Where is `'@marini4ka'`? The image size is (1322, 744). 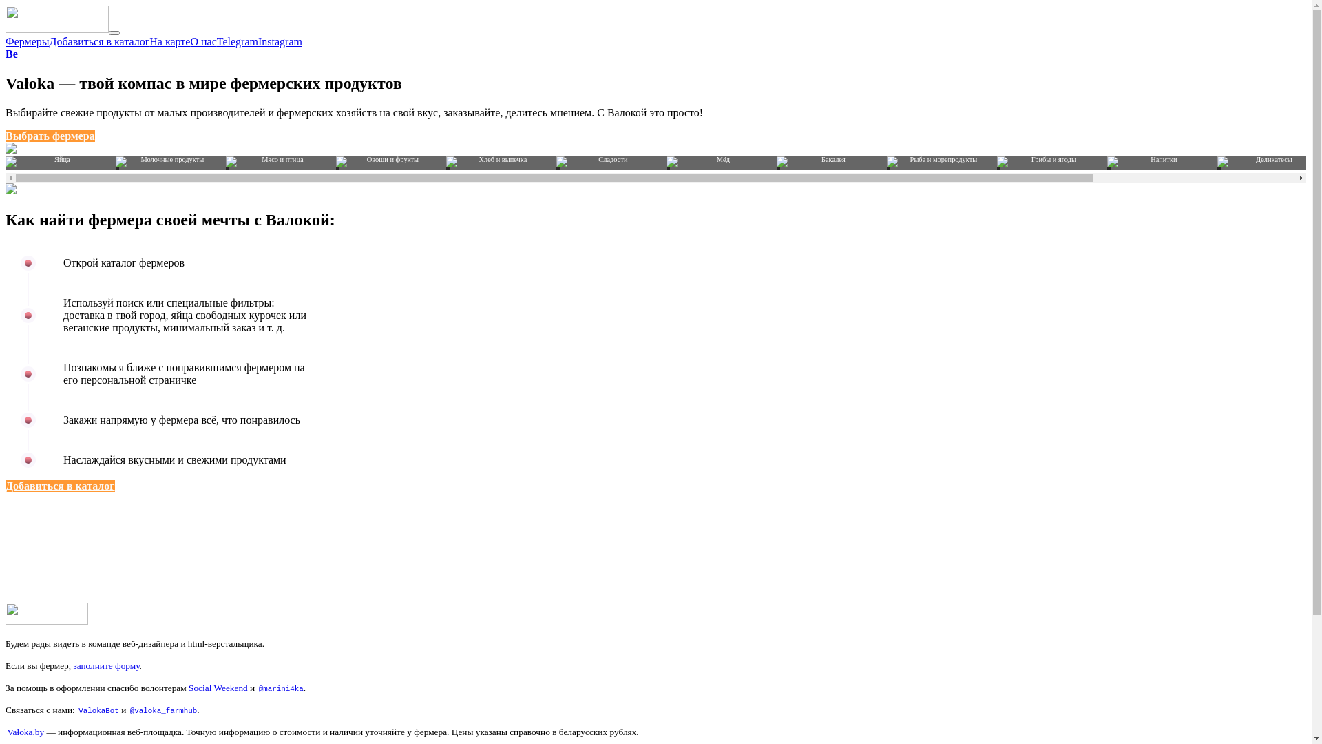
'@marini4ka' is located at coordinates (280, 688).